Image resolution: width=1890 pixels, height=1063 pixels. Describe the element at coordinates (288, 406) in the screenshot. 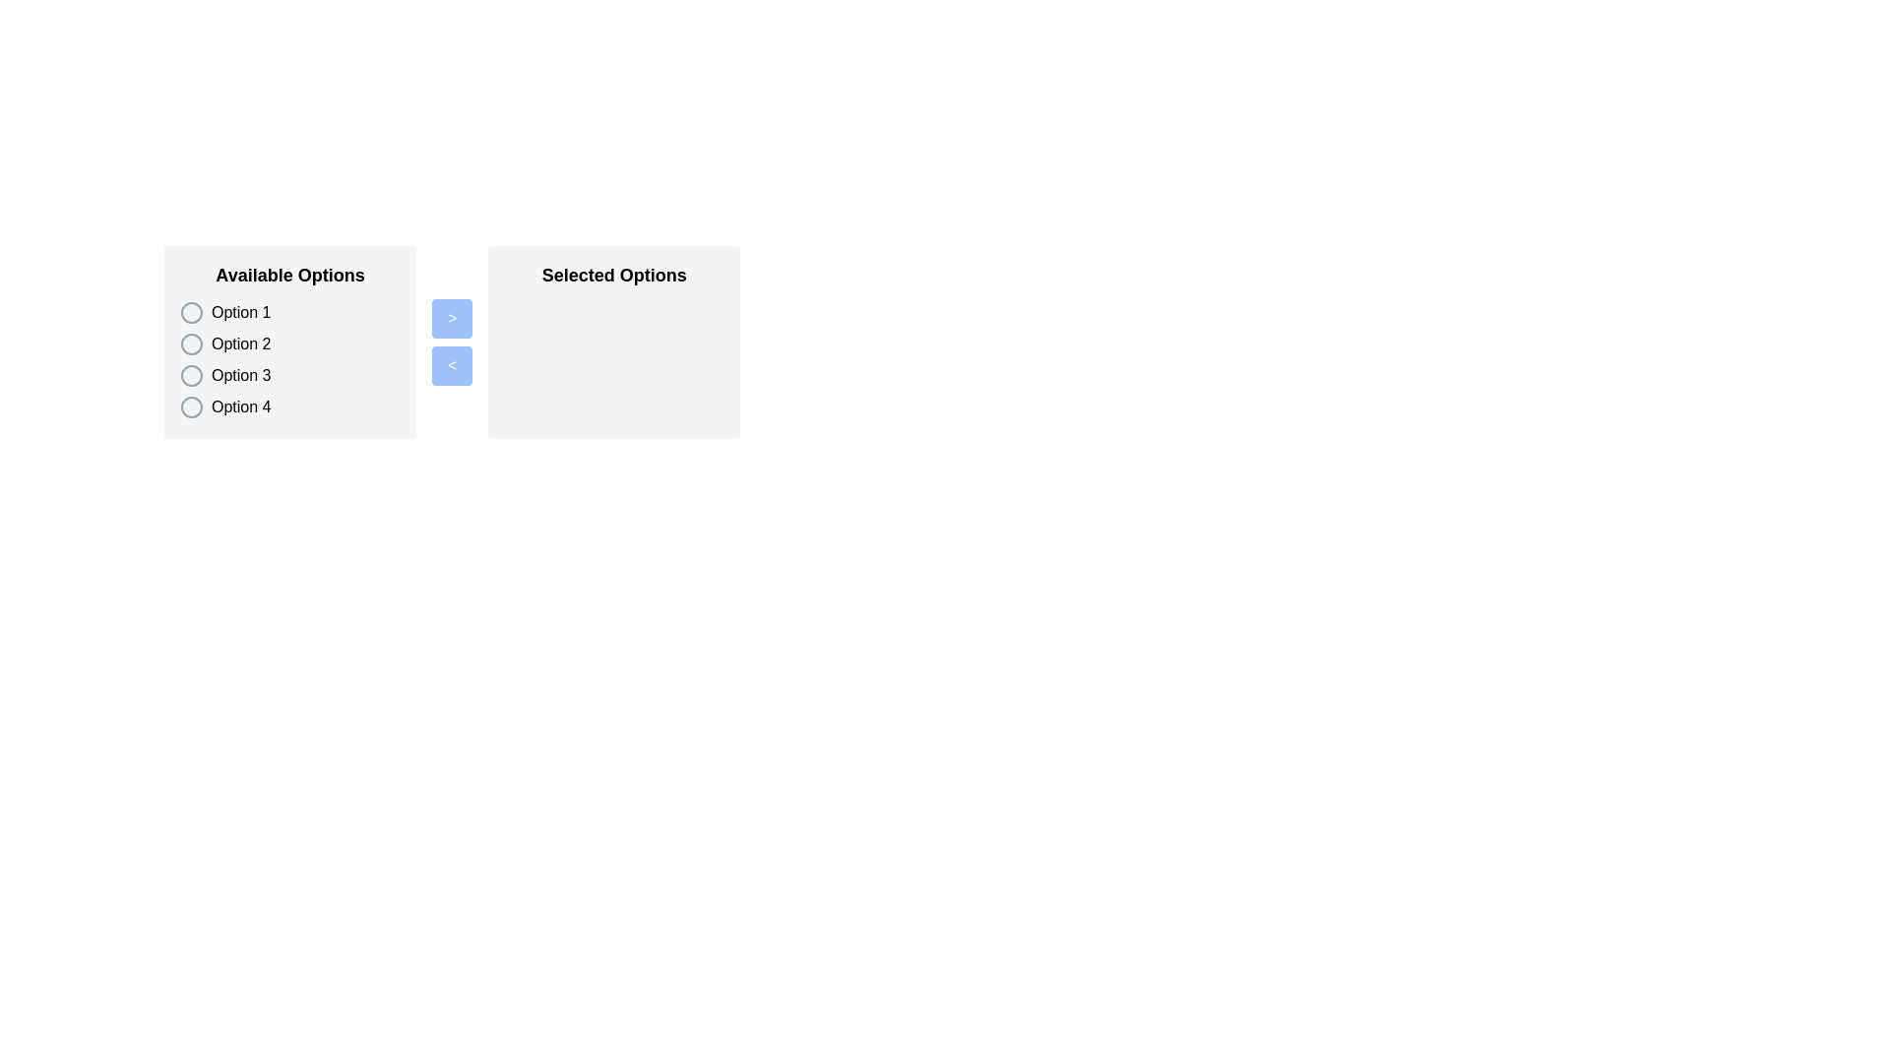

I see `the fourth selectable list item labeled 'Available Options'` at that location.